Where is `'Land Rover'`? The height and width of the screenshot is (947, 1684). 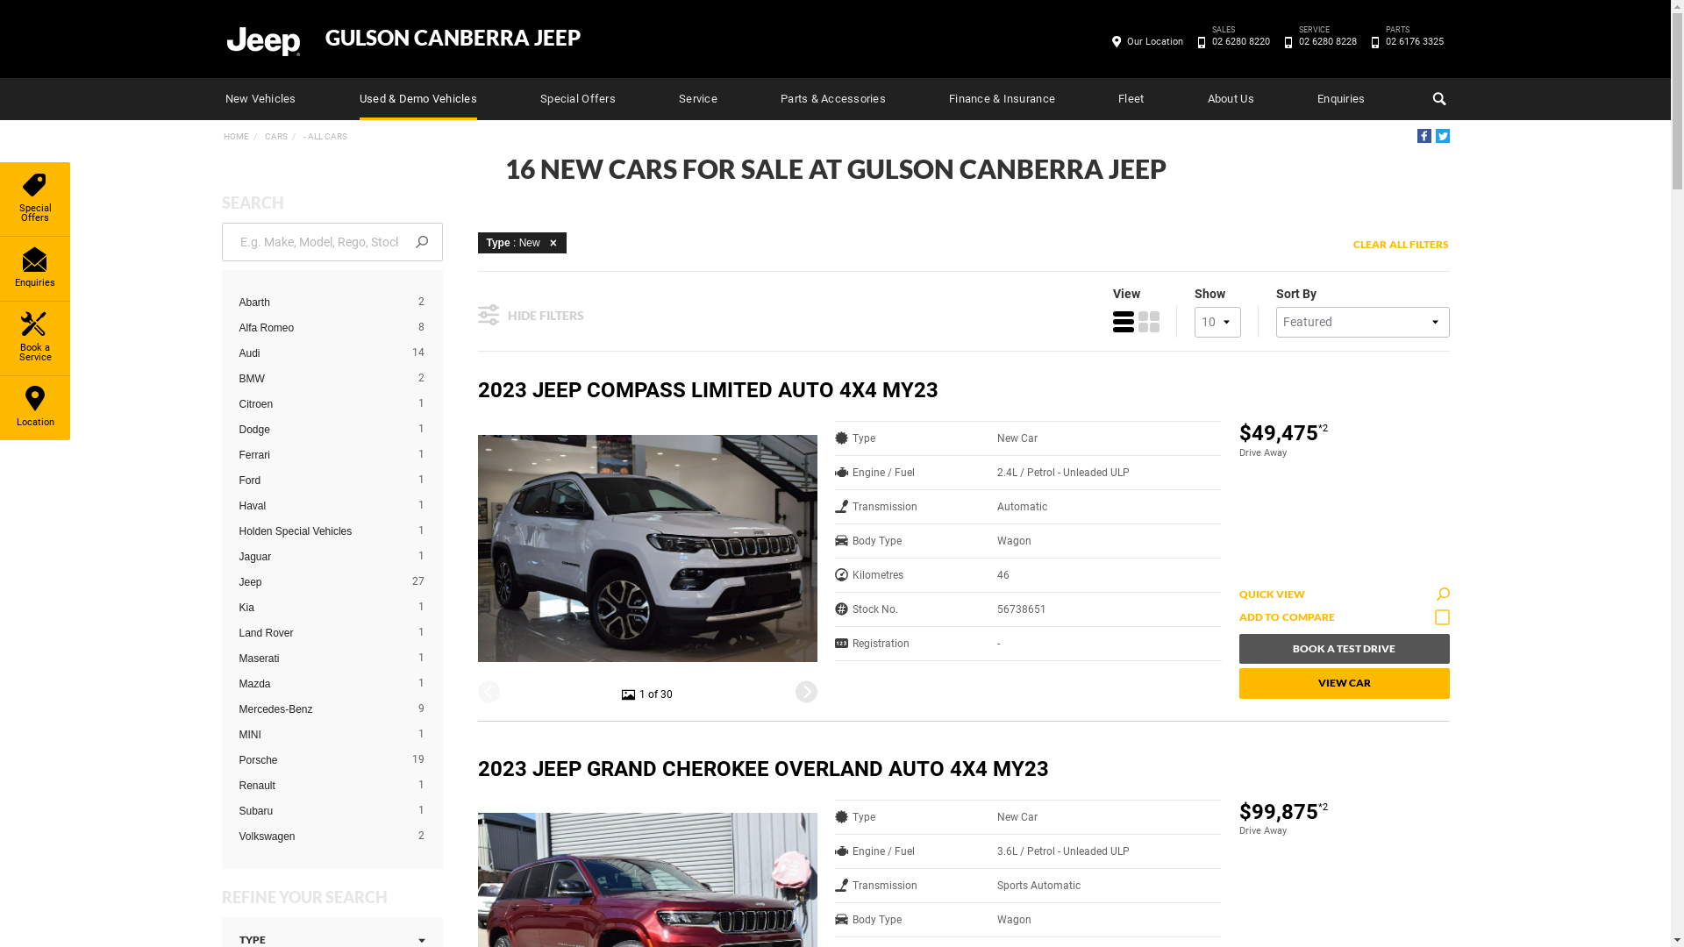 'Land Rover' is located at coordinates (318, 632).